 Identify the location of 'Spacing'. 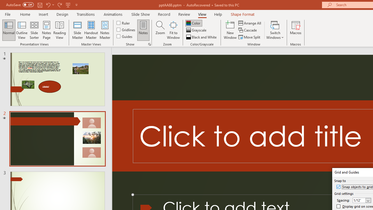
(361, 200).